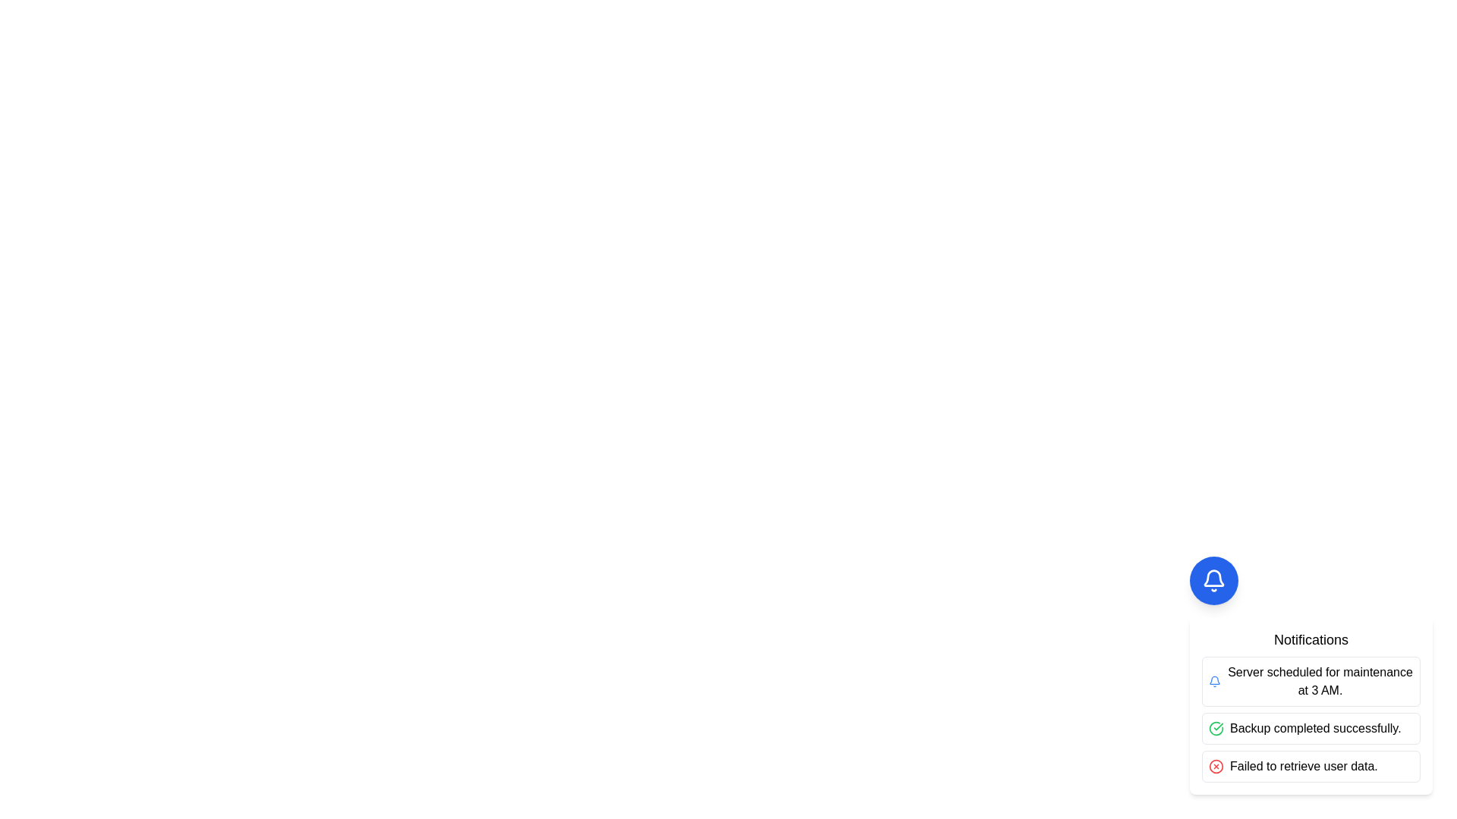  I want to click on the notification item with the text 'Backup completed successfully.' to interact with it, so click(1311, 718).